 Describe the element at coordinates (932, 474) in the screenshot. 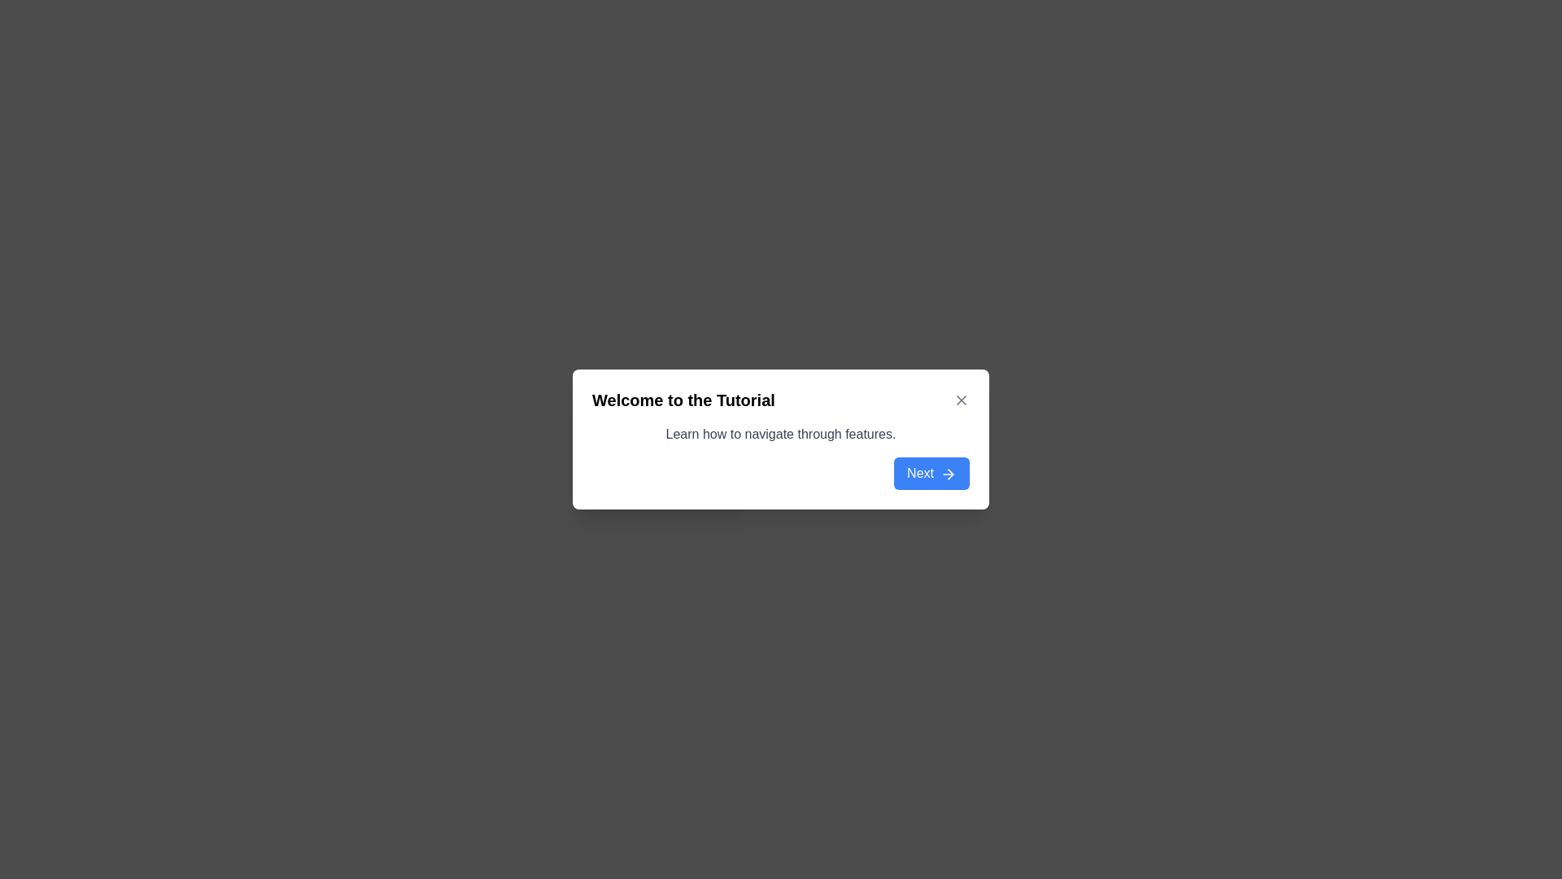

I see `the prominent blue button labeled 'Next' with rounded corners located at the bottom-right corner of the modal` at that location.